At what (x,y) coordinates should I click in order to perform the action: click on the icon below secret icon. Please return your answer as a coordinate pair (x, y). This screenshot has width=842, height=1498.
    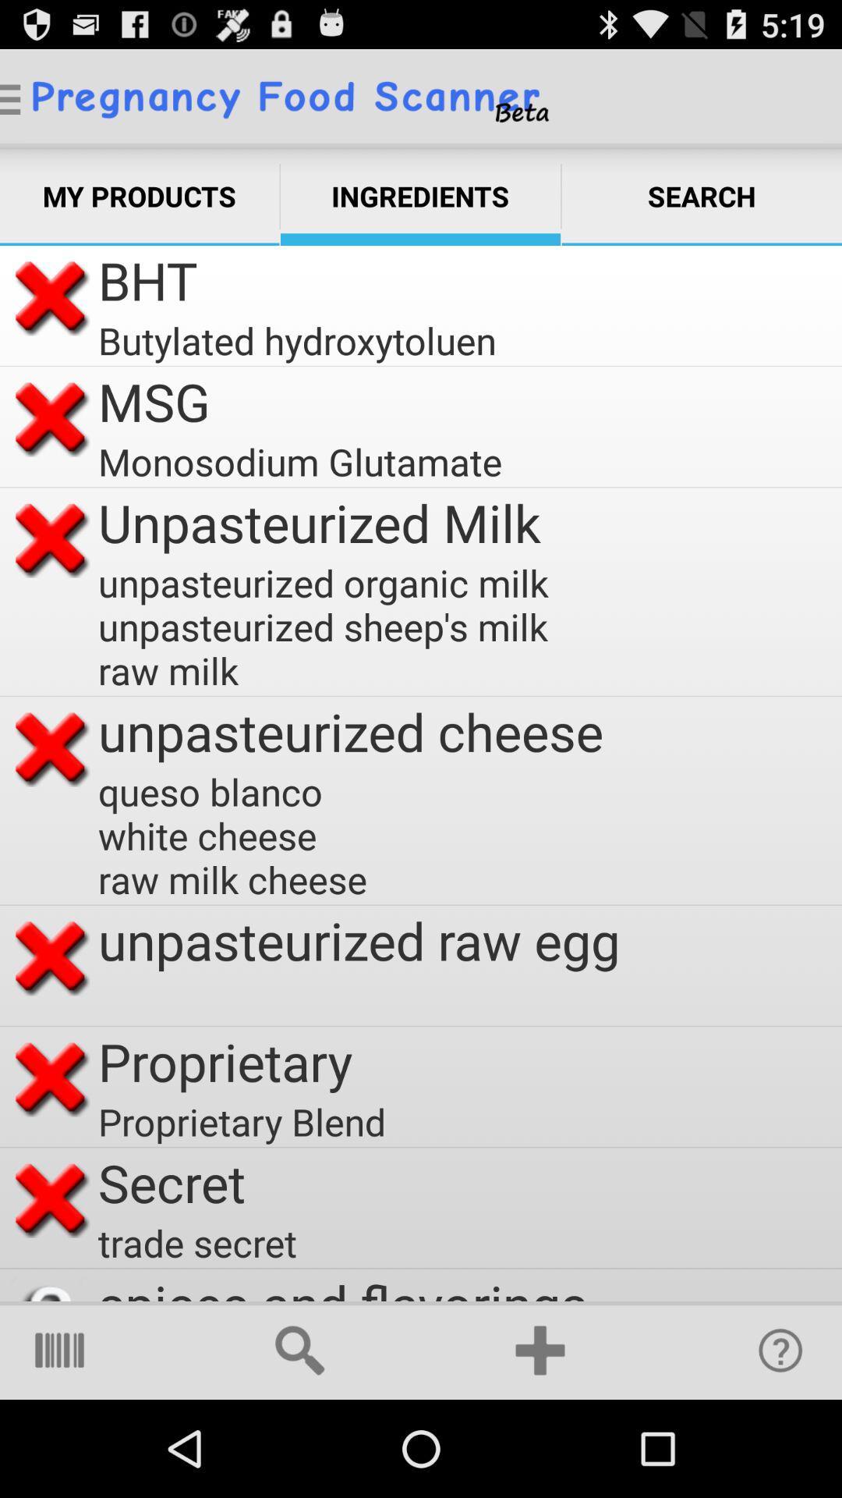
    Looking at the image, I should click on (196, 1242).